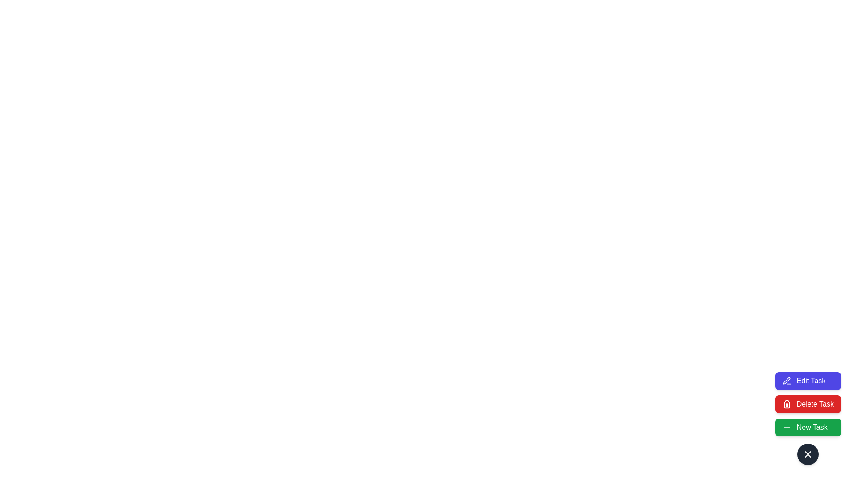 The image size is (859, 483). What do you see at coordinates (808, 427) in the screenshot?
I see `the 'New Task' button` at bounding box center [808, 427].